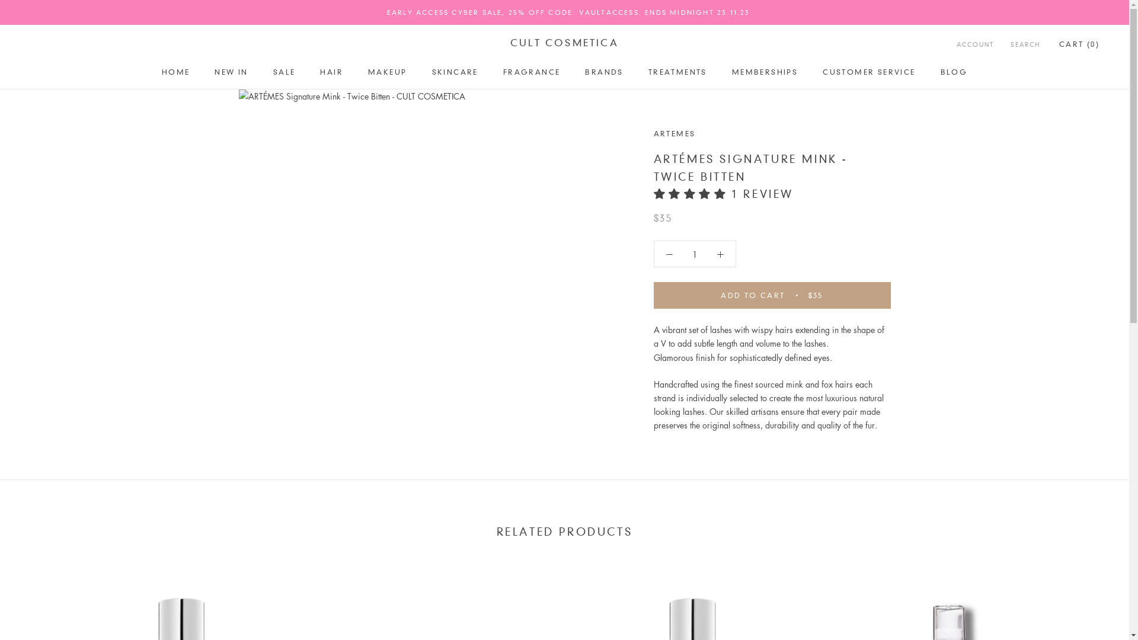 Image resolution: width=1138 pixels, height=640 pixels. Describe the element at coordinates (1059, 43) in the screenshot. I see `'CART (0)'` at that location.